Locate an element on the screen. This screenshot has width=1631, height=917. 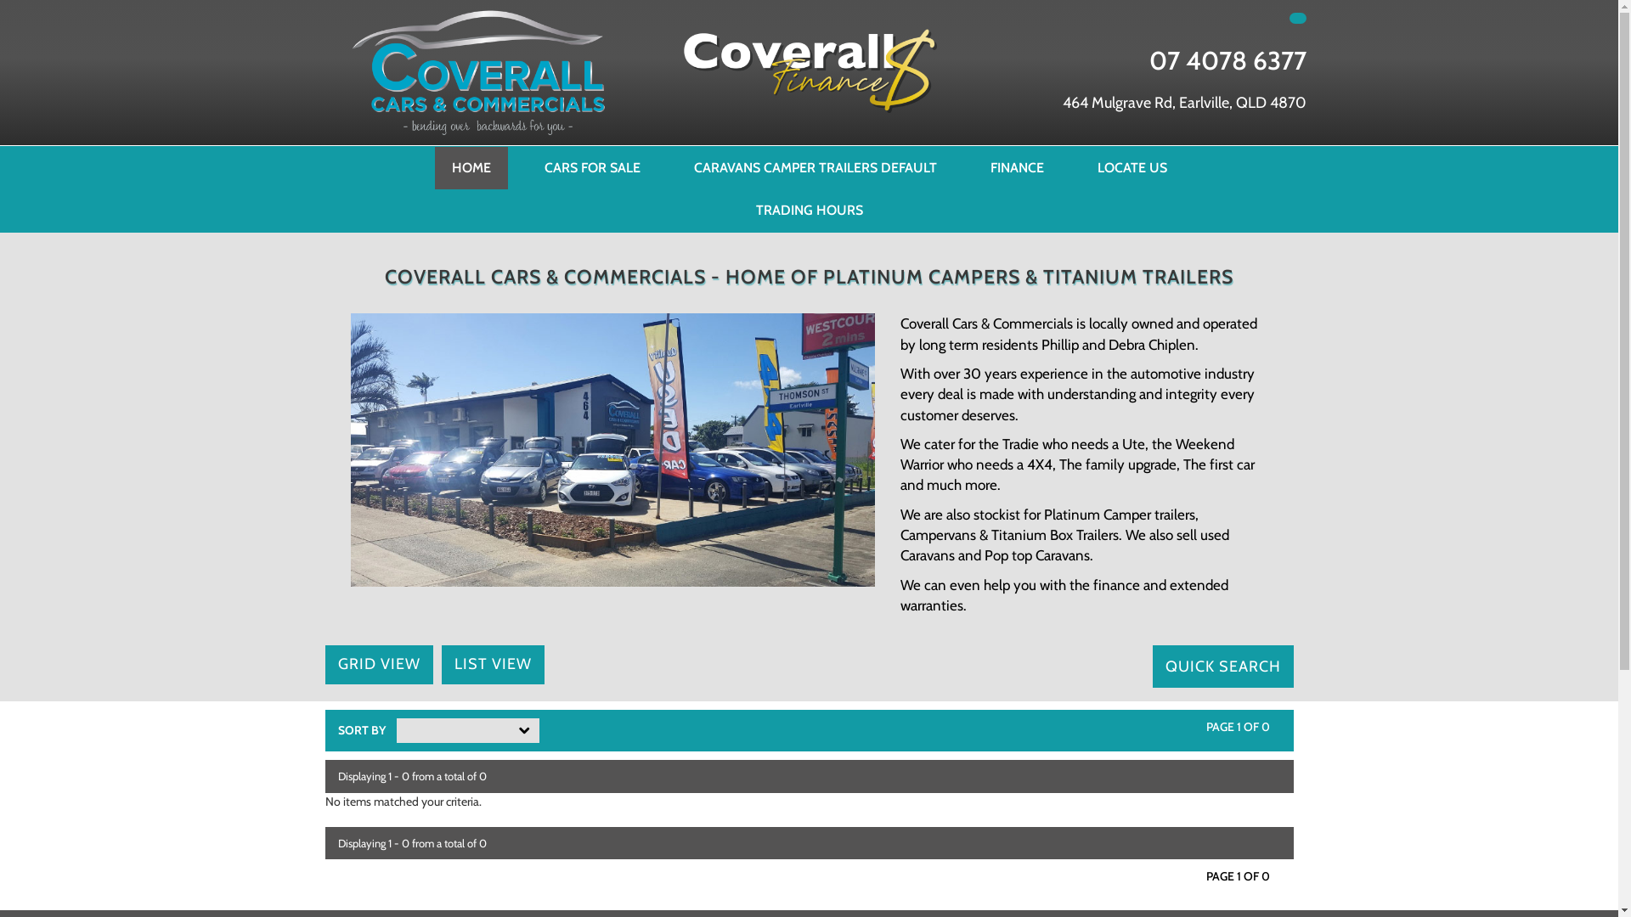
'07 4078 6377' is located at coordinates (1227, 59).